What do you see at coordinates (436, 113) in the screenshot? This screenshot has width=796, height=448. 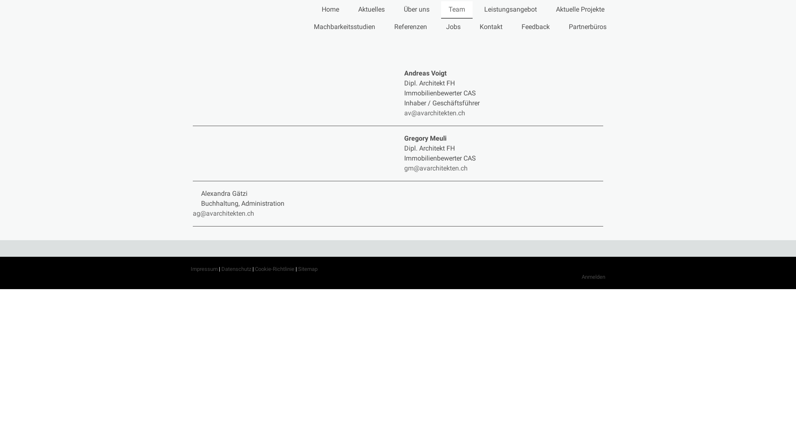 I see `'av@avarchitekten.ch  '` at bounding box center [436, 113].